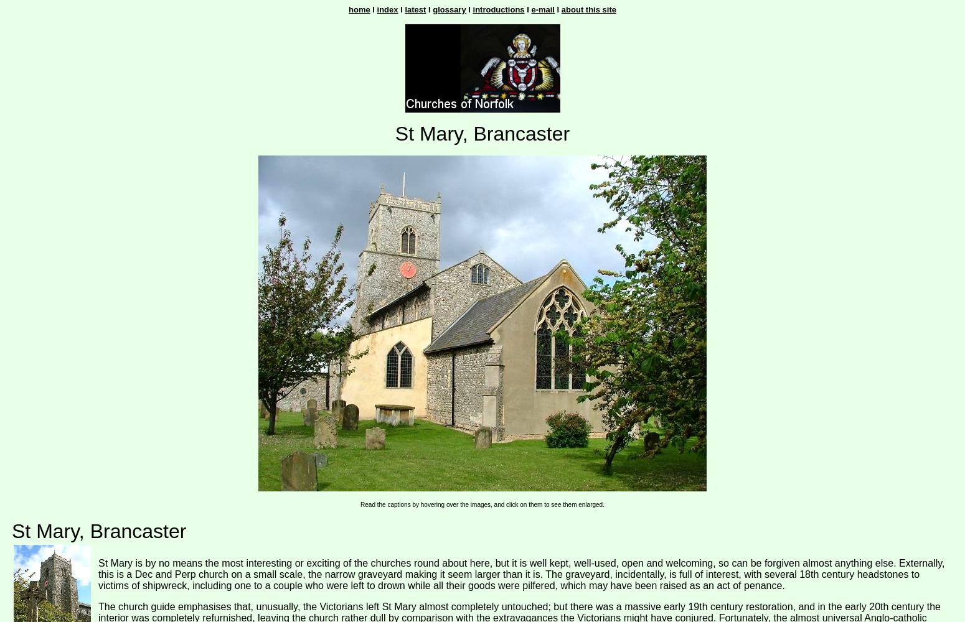 The height and width of the screenshot is (622, 965). I want to click on 'introductions', so click(473, 9).